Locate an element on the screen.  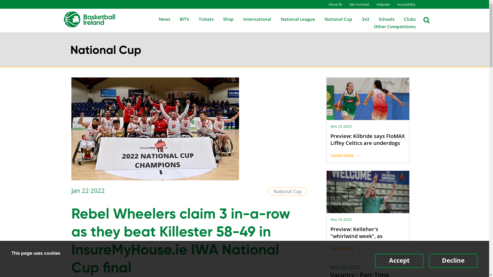
'About BI' is located at coordinates (332, 4).